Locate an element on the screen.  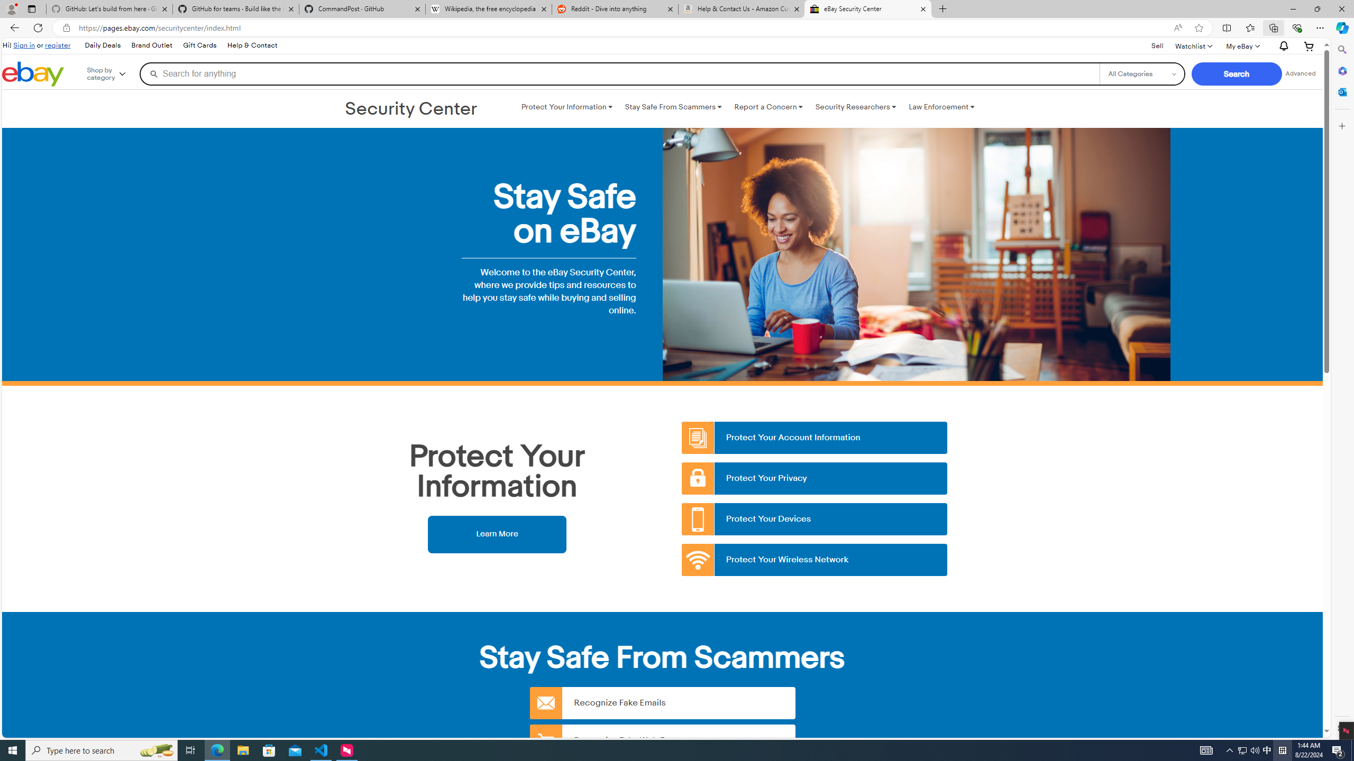
'Protect Your Information ' is located at coordinates (566, 107).